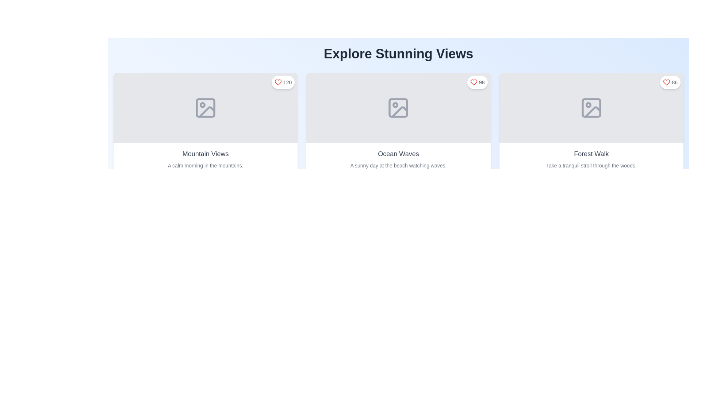 This screenshot has height=394, width=701. I want to click on the decorative circle element within the SVG image located in the middle card labeled 'Ocean Waves', so click(395, 105).